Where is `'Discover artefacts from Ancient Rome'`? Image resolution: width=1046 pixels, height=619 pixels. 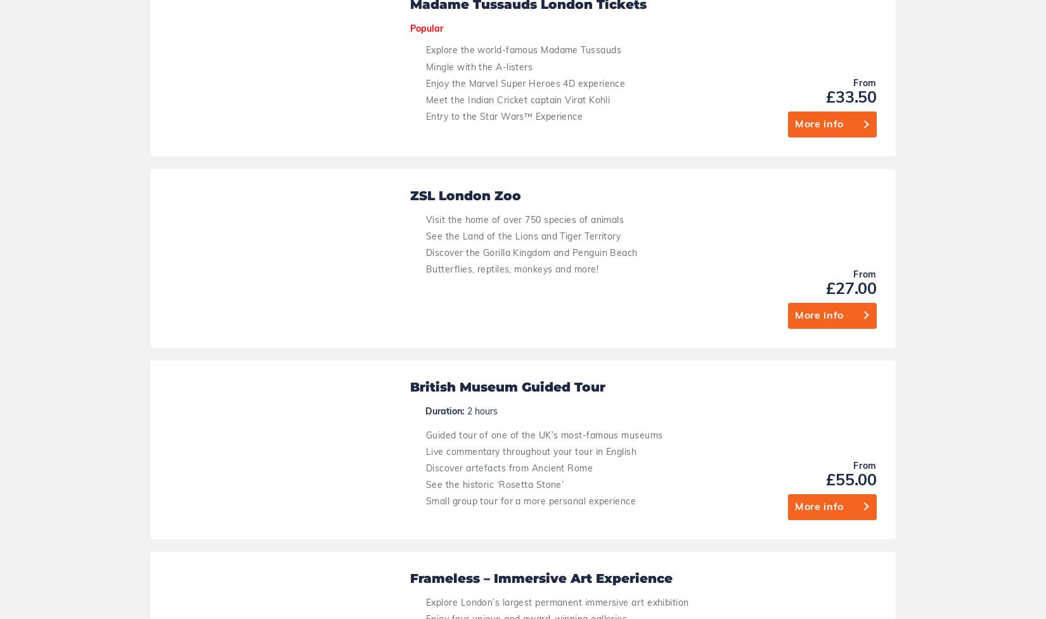 'Discover artefacts from Ancient Rome' is located at coordinates (508, 10).